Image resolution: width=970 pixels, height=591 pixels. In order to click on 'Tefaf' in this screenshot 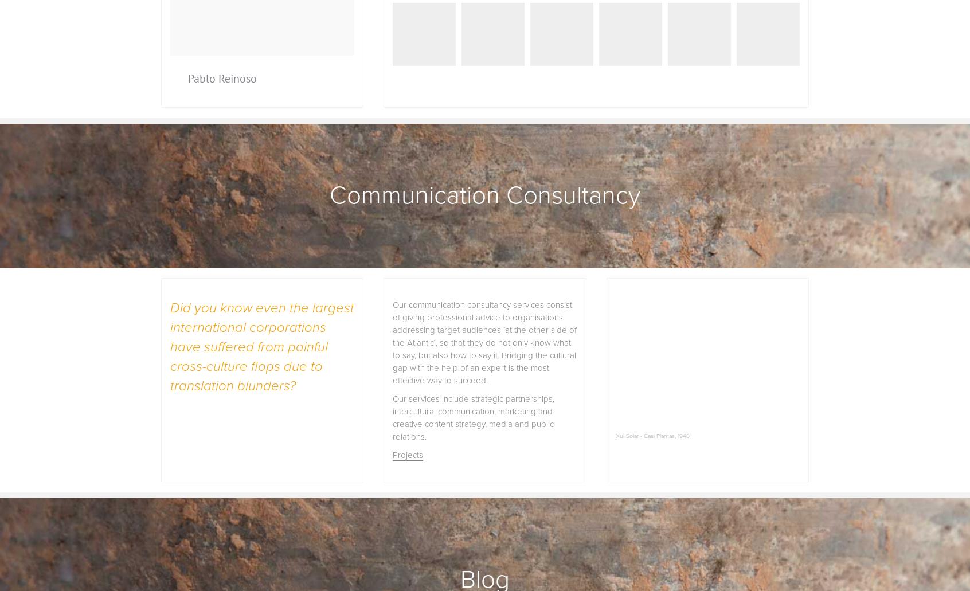, I will do `click(383, 78)`.